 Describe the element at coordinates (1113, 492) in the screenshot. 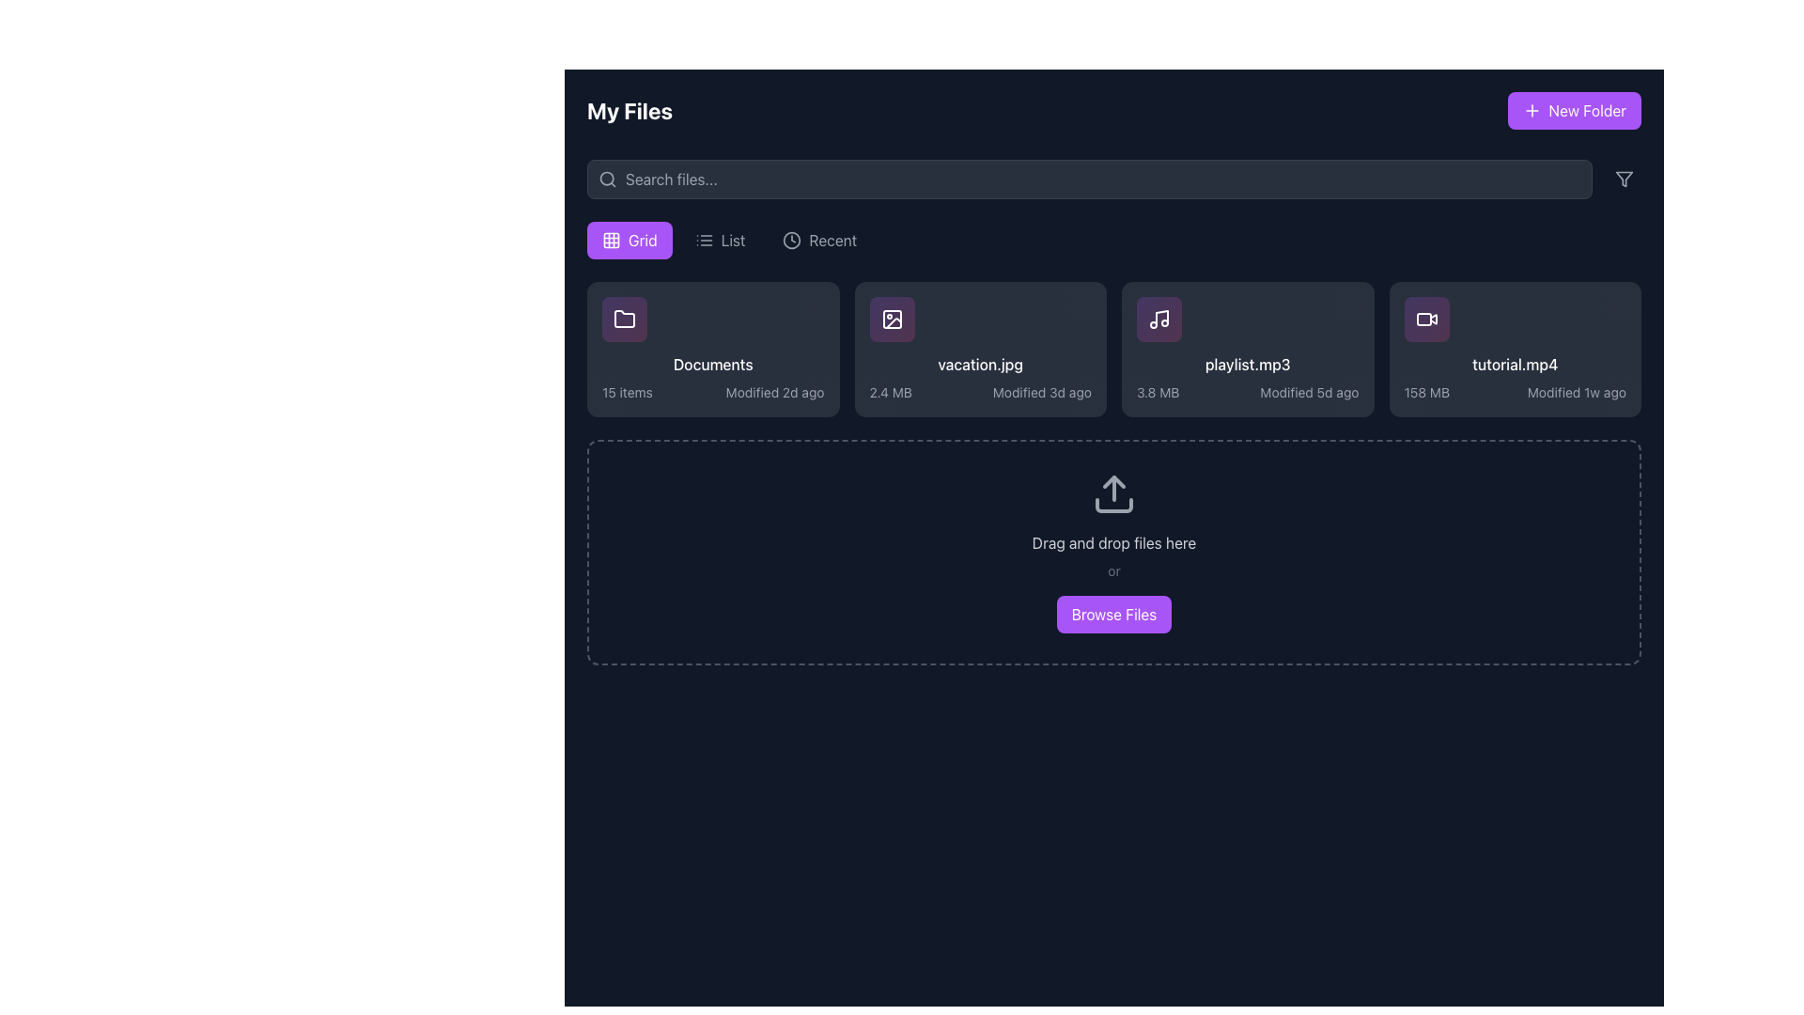

I see `the upload icon located centrally above the 'Drag and drop files here' text and below the grid of file icons` at that location.